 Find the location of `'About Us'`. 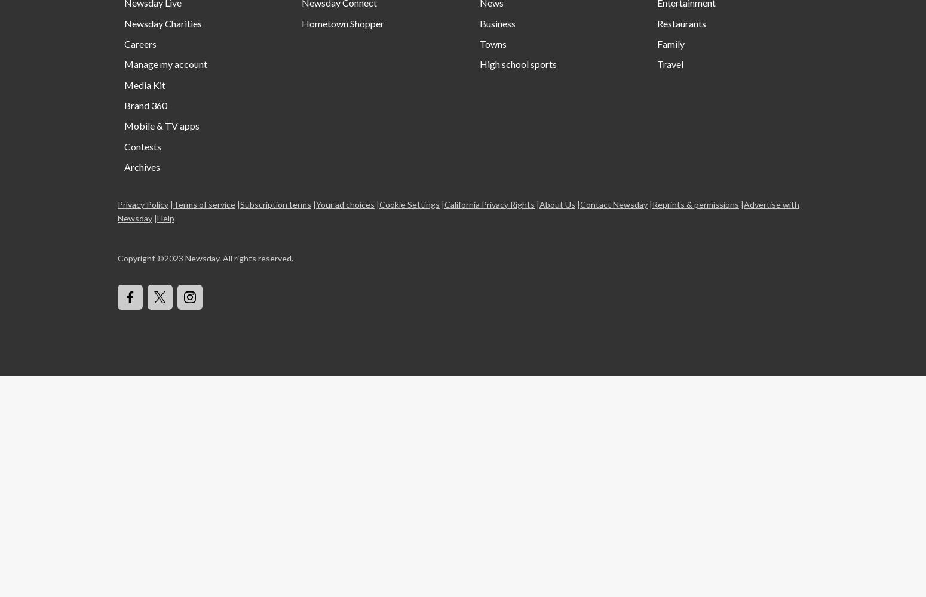

'About Us' is located at coordinates (556, 203).